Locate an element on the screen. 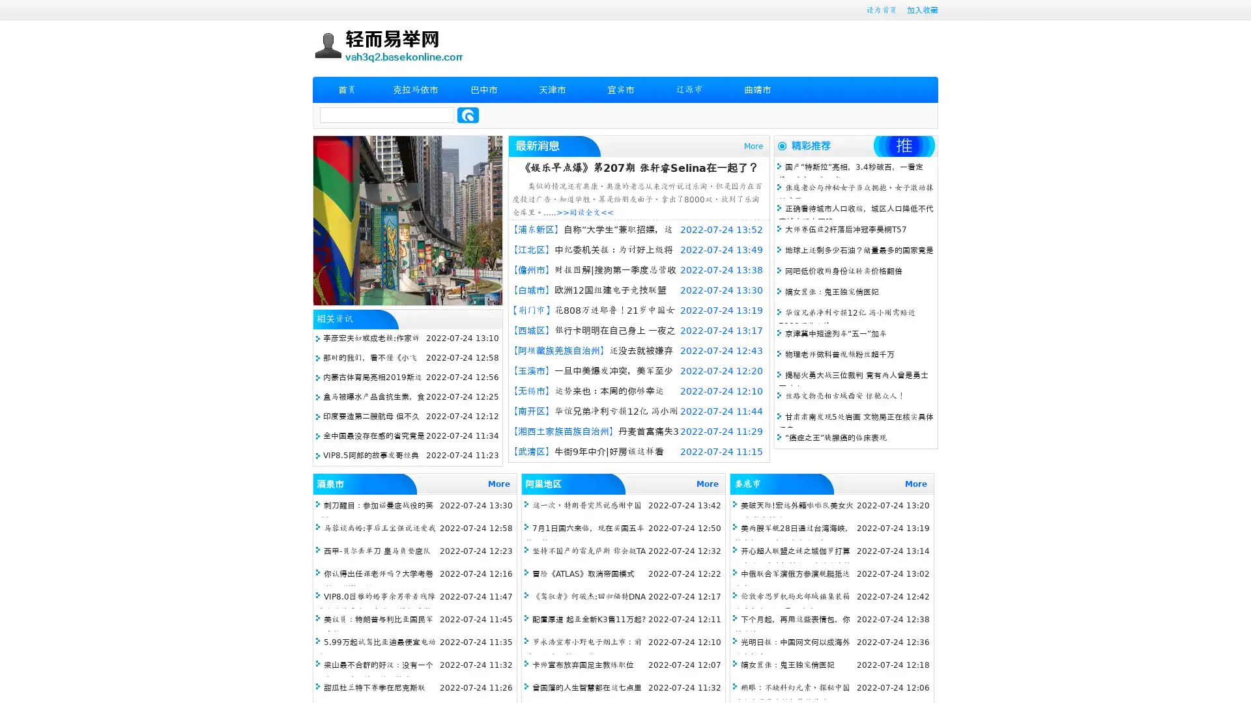 This screenshot has height=703, width=1251. Search is located at coordinates (468, 115).